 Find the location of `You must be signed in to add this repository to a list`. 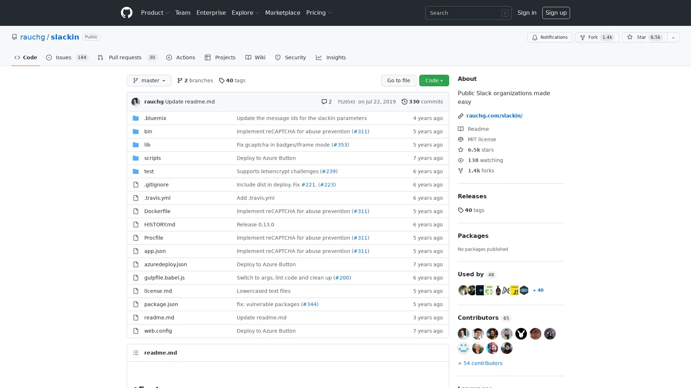

You must be signed in to add this repository to a list is located at coordinates (673, 37).